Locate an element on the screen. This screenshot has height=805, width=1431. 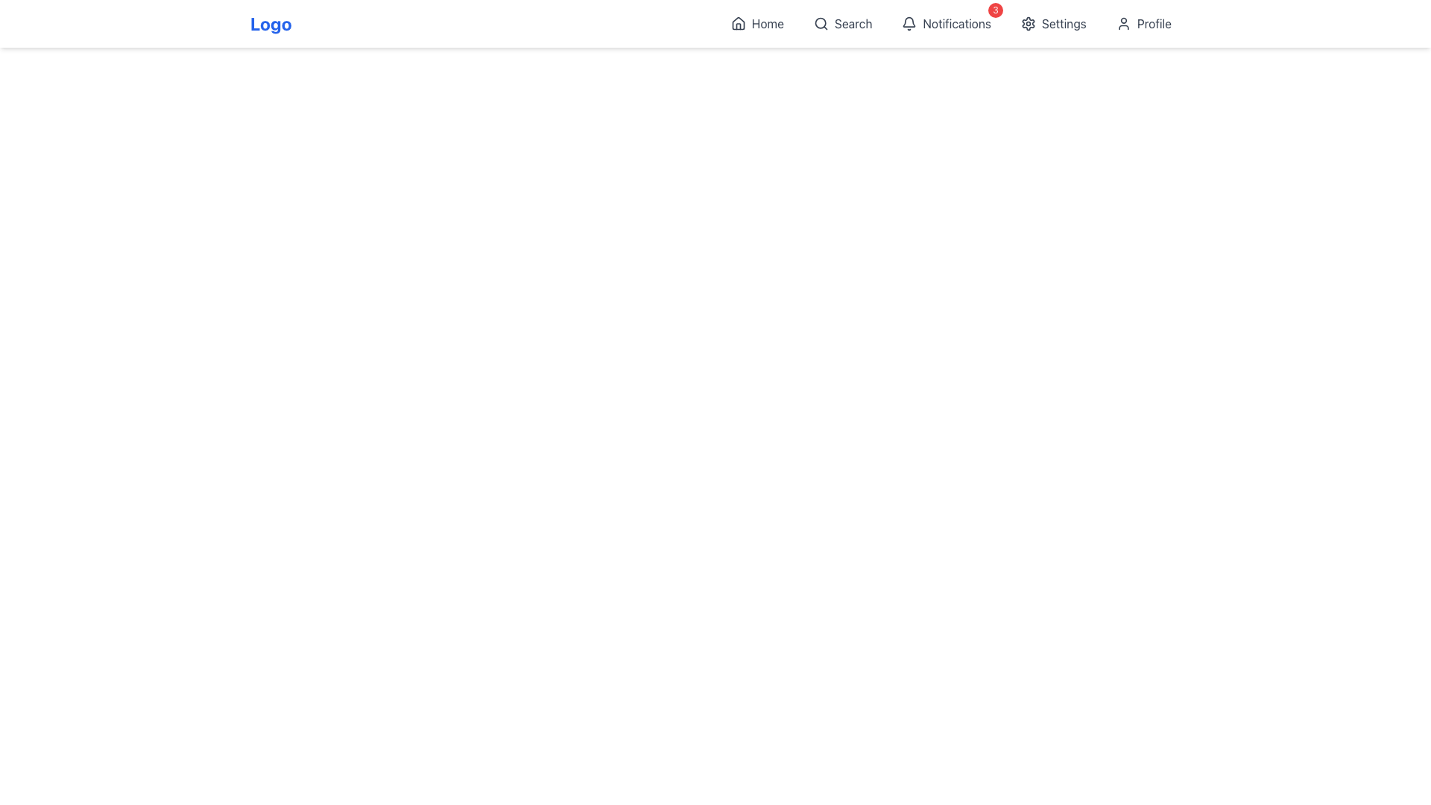
the 'Home' text in the top navigation bar is located at coordinates (768, 23).